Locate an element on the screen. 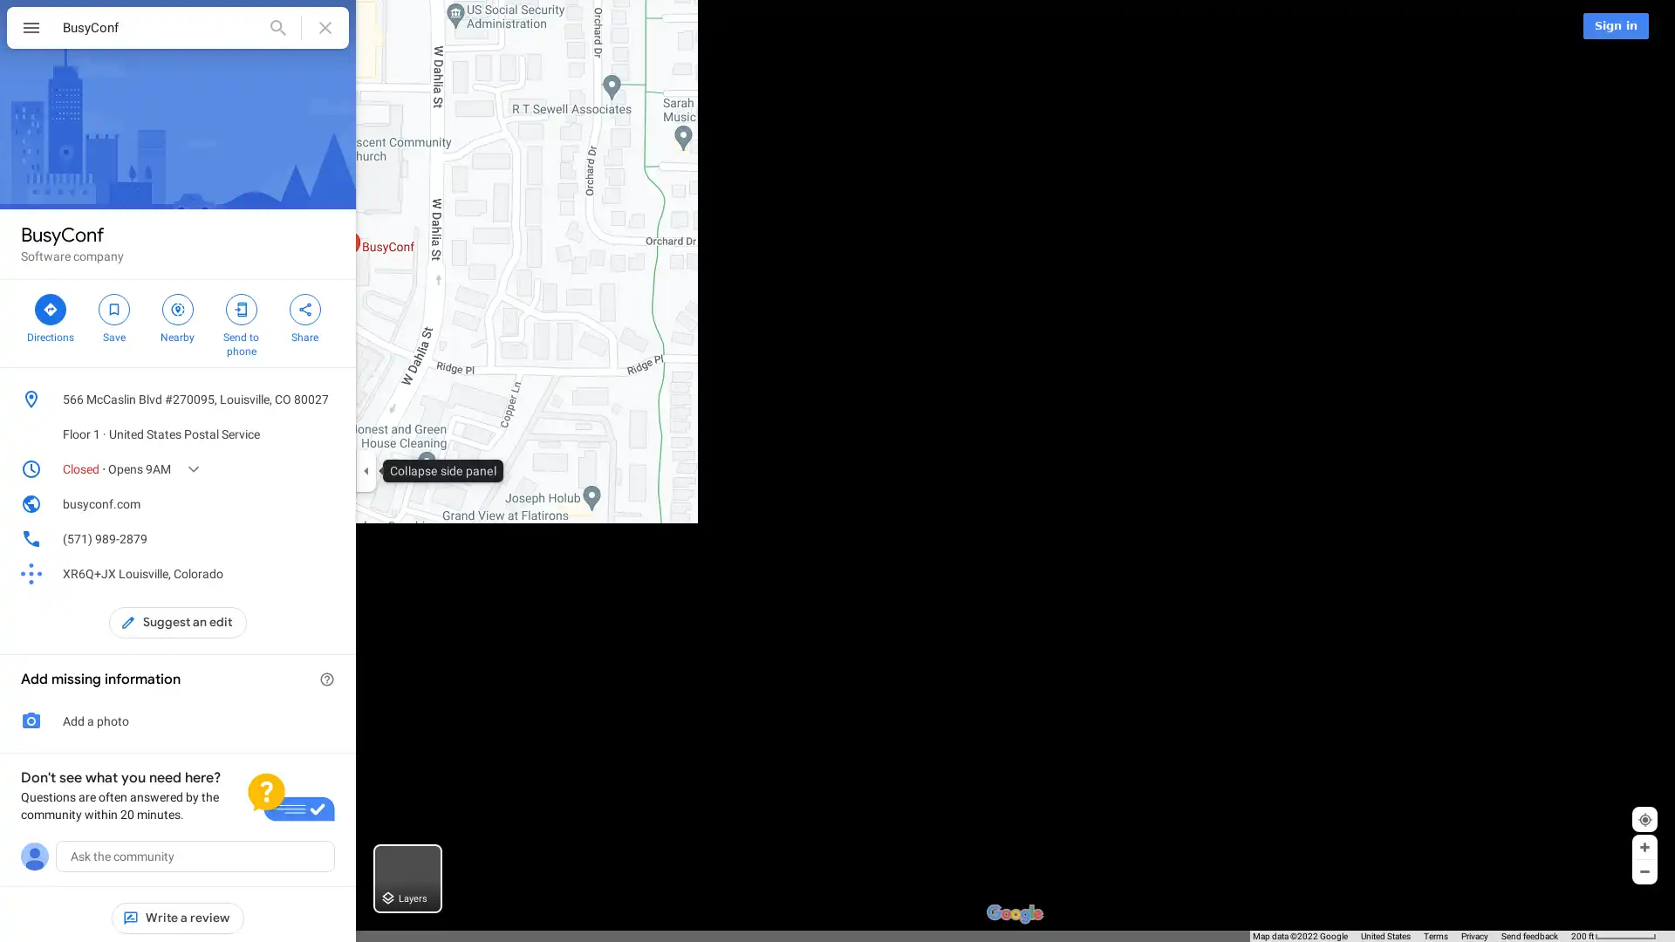 This screenshot has width=1675, height=942. Learn more about plus codes is located at coordinates (326, 574).